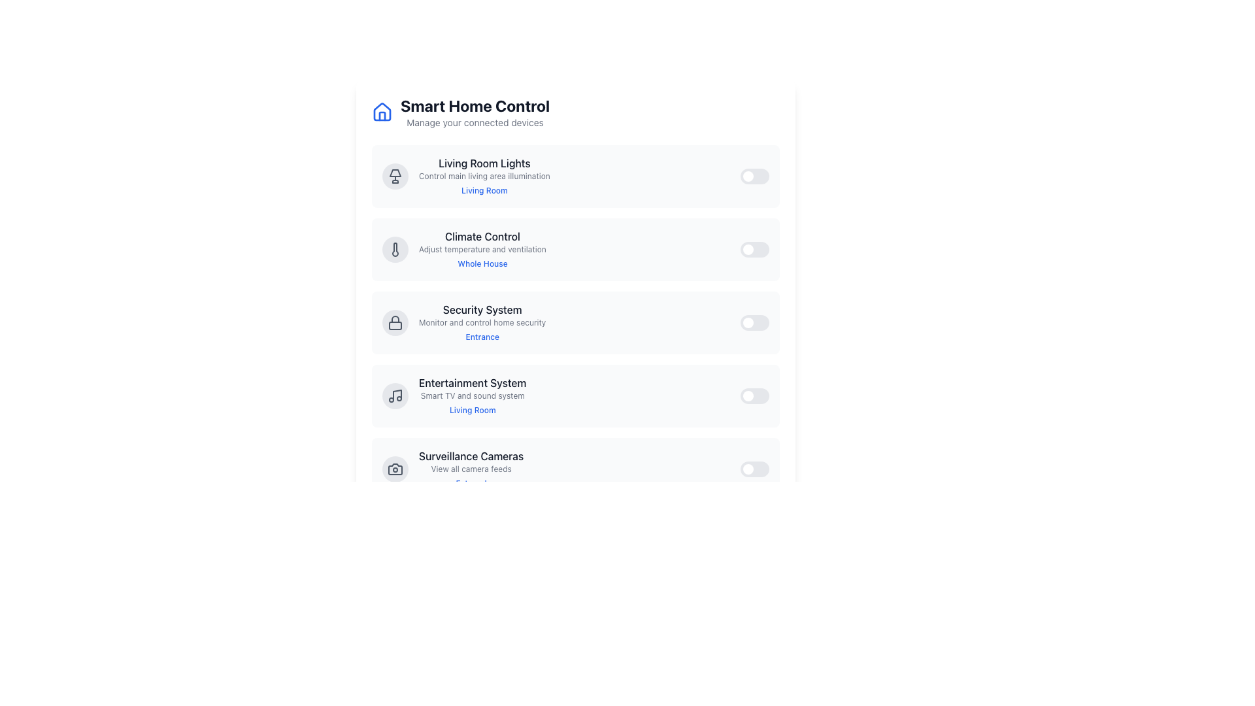 This screenshot has height=706, width=1255. What do you see at coordinates (394, 395) in the screenshot?
I see `the music-related icon in the 'Entertainment System' section, which features a grayish musical note with circular ends` at bounding box center [394, 395].